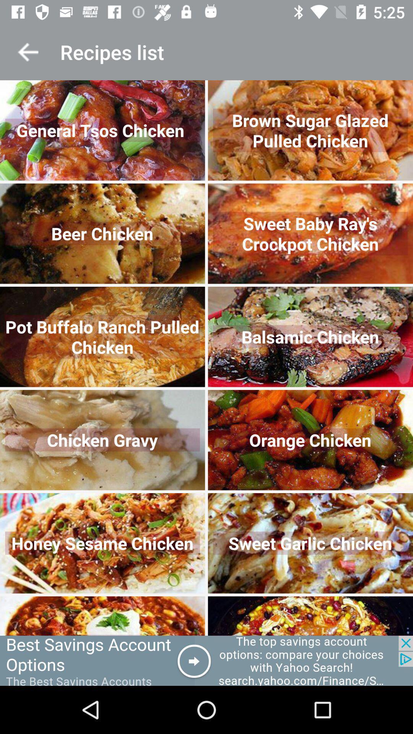 This screenshot has width=413, height=734. What do you see at coordinates (311, 543) in the screenshot?
I see `the second image in fifth row` at bounding box center [311, 543].